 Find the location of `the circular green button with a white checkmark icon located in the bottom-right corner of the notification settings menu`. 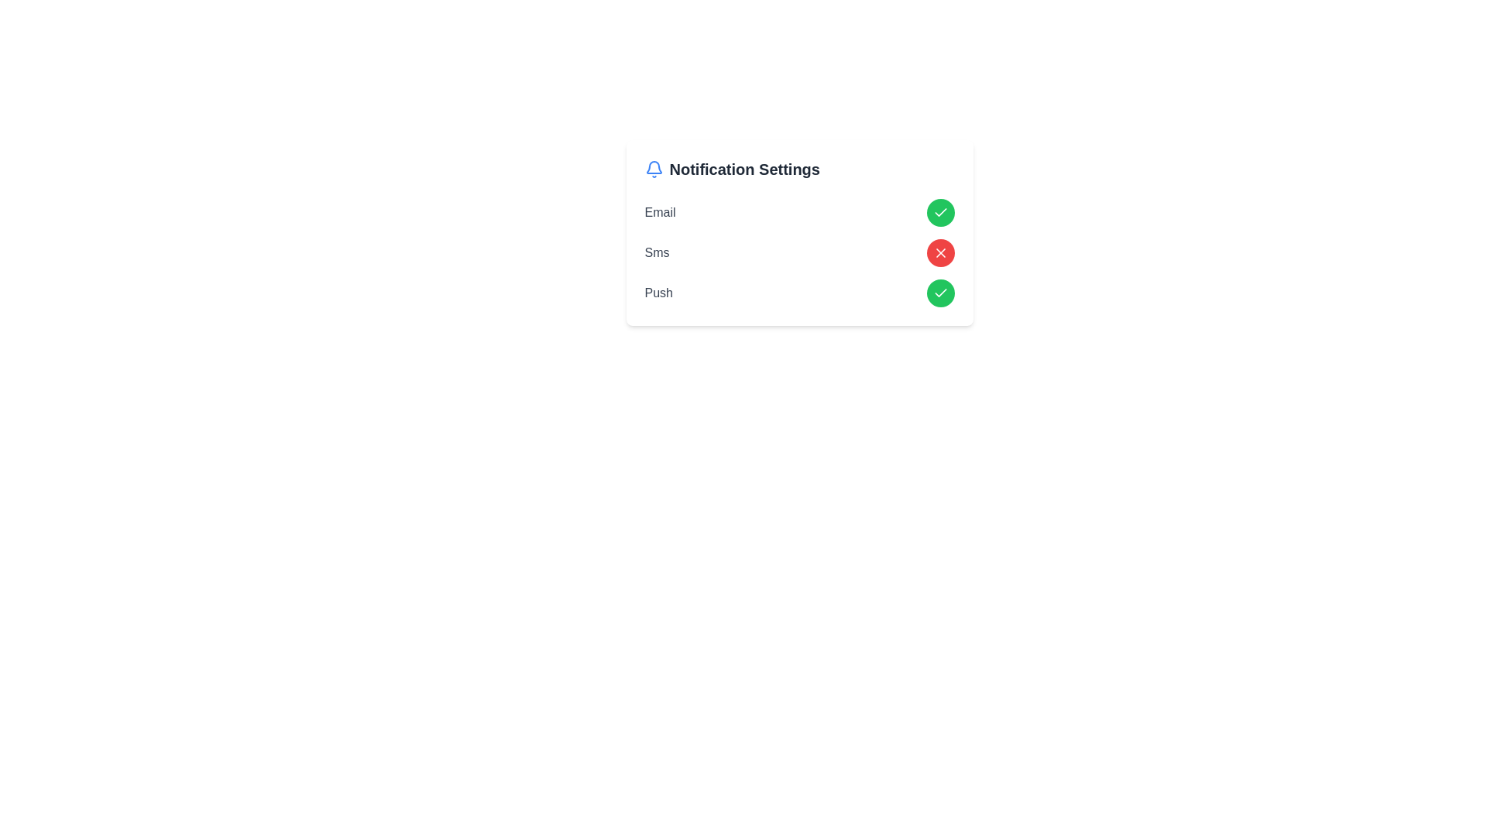

the circular green button with a white checkmark icon located in the bottom-right corner of the notification settings menu is located at coordinates (939, 293).